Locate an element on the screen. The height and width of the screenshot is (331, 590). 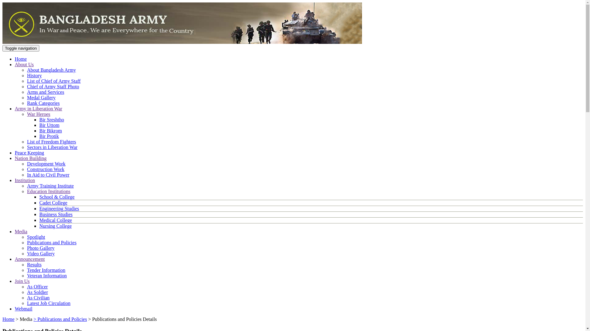
'Education Institutions' is located at coordinates (48, 191).